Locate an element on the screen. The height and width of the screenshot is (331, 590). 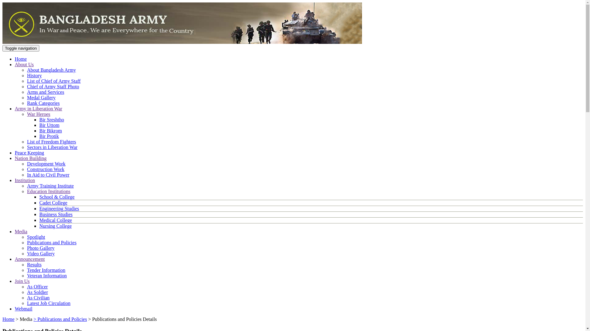
'Education Institutions' is located at coordinates (48, 191).